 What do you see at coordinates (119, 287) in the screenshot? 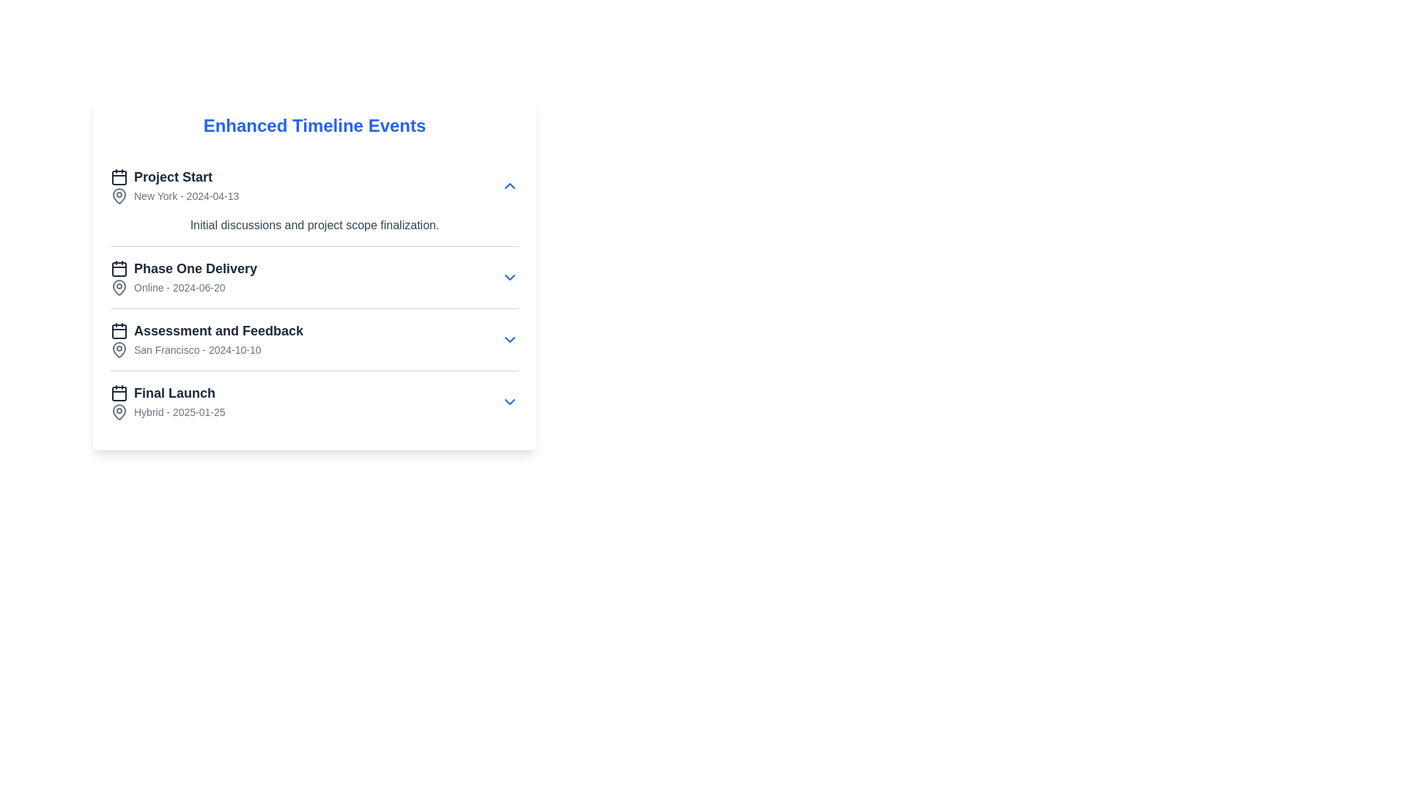
I see `the map pin icon next to 'Phase One Delivery' in the timeline events list` at bounding box center [119, 287].